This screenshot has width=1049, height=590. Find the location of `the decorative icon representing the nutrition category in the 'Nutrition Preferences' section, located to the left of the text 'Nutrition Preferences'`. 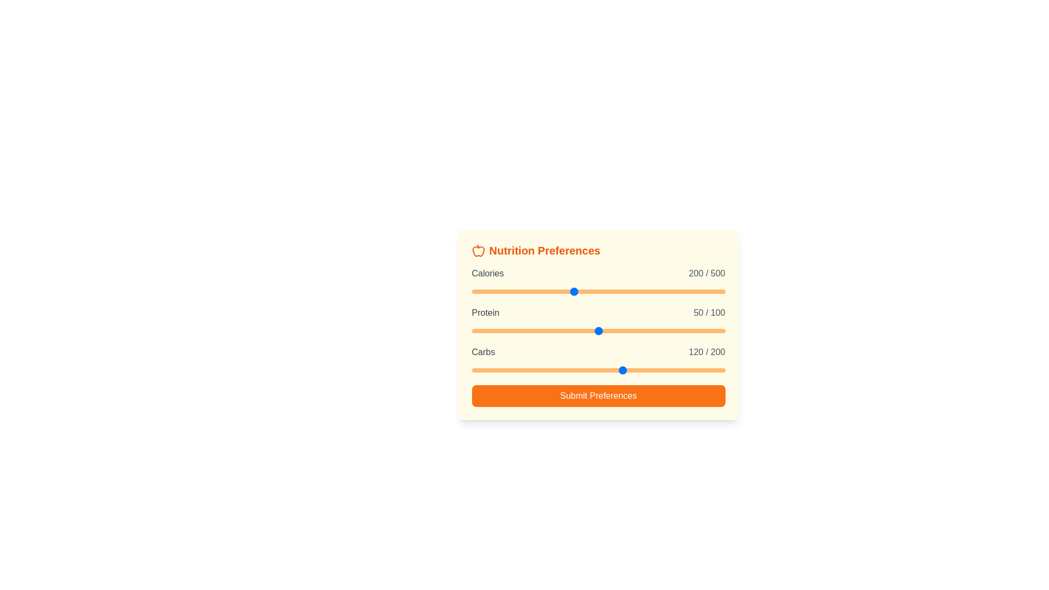

the decorative icon representing the nutrition category in the 'Nutrition Preferences' section, located to the left of the text 'Nutrition Preferences' is located at coordinates (478, 251).